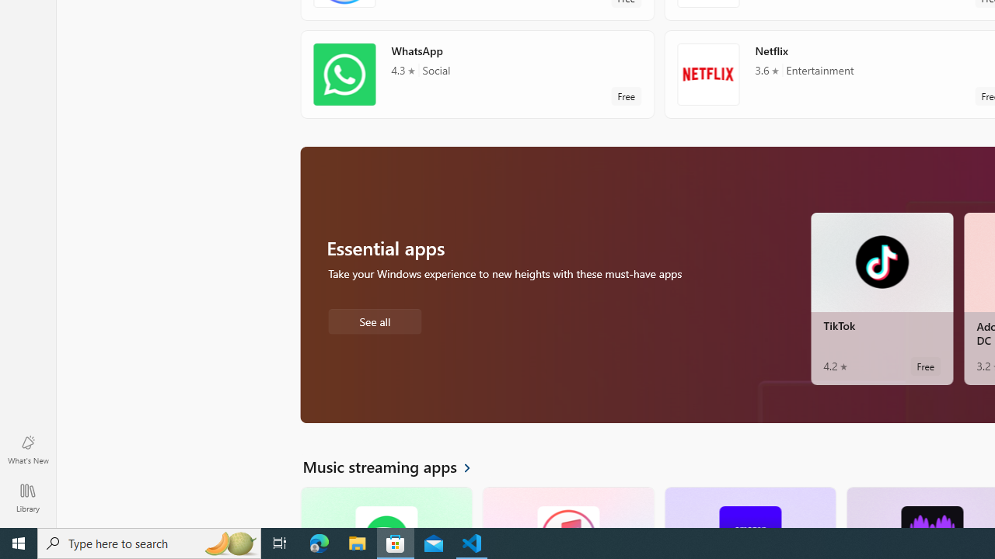 The height and width of the screenshot is (559, 995). Describe the element at coordinates (396, 465) in the screenshot. I see `'See all  Music streaming apps'` at that location.